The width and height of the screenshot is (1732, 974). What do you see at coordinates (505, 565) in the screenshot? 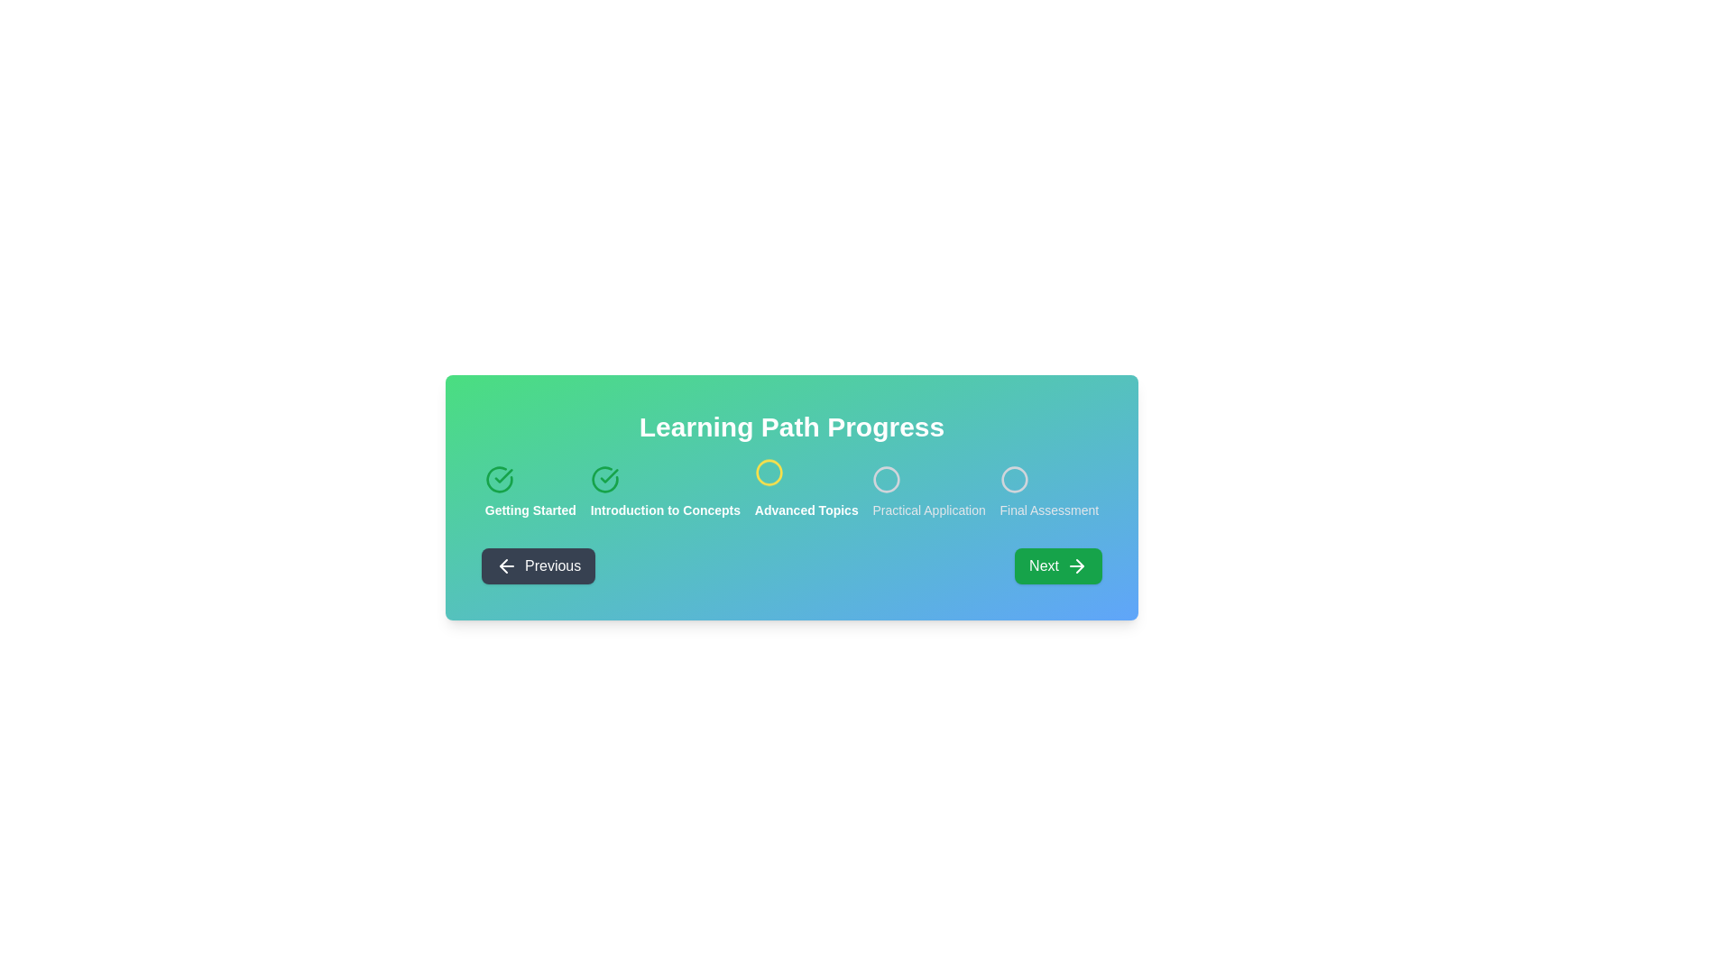
I see `the 'previous' icon located within the 'Previous' button at the bottom-left corner of the content card` at bounding box center [505, 565].